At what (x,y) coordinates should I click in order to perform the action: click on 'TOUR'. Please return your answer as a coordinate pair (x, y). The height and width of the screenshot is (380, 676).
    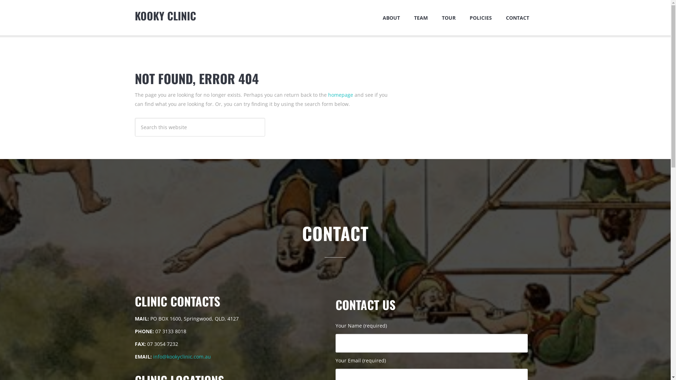
    Looking at the image, I should click on (448, 17).